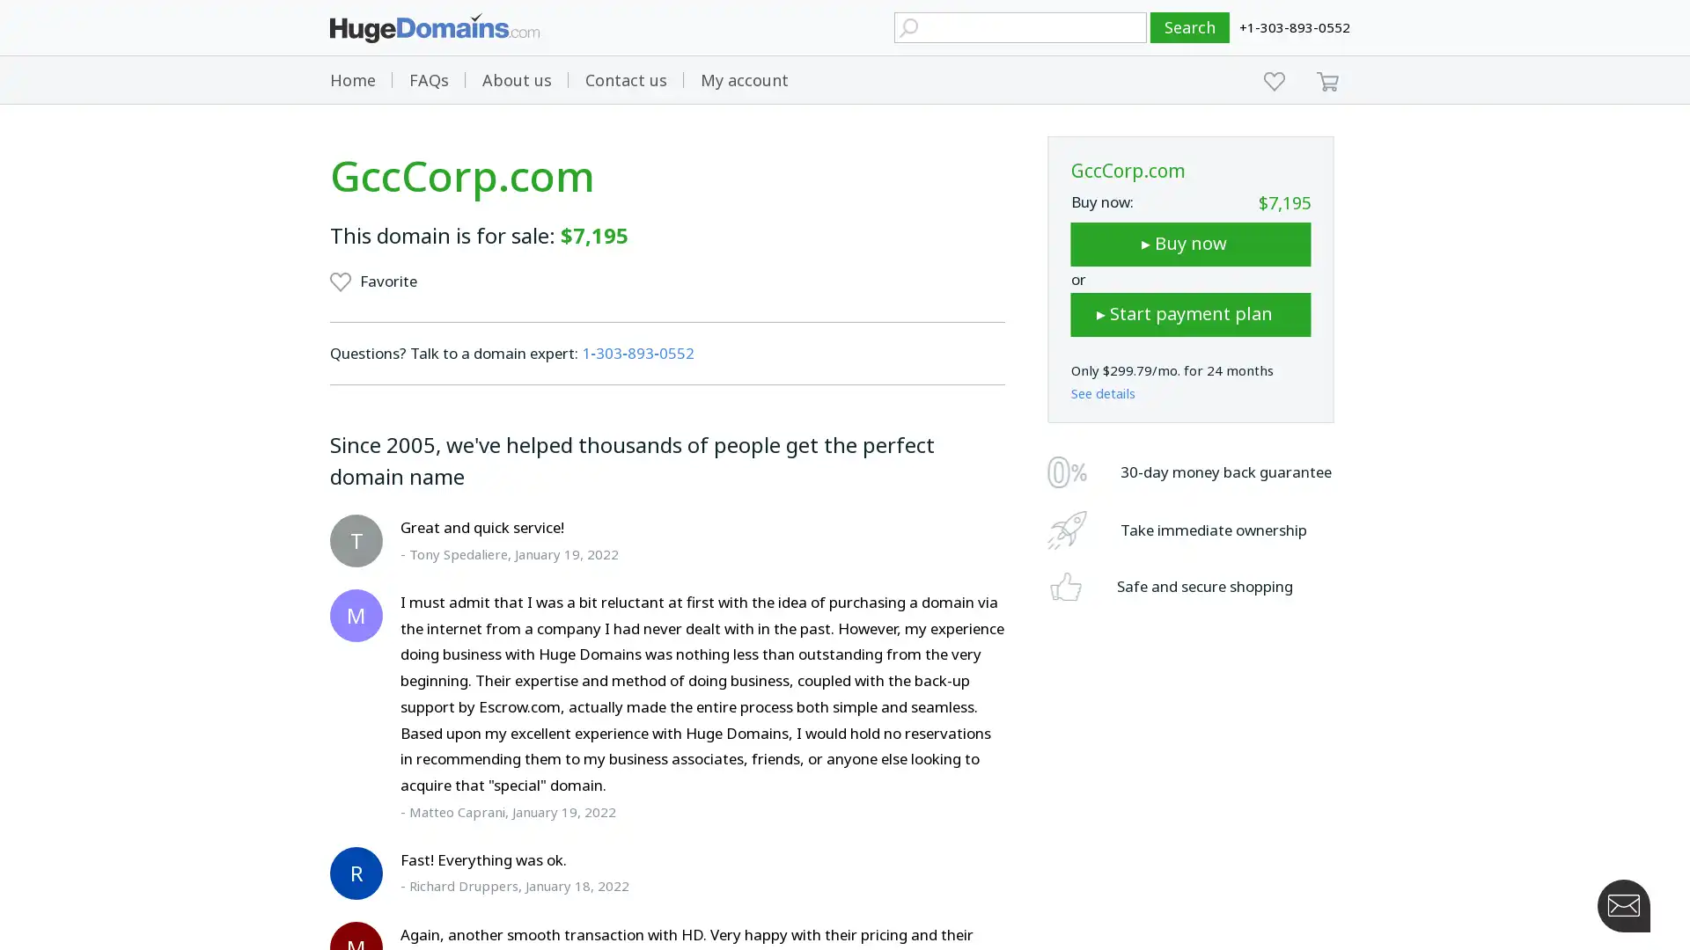  What do you see at coordinates (1190, 27) in the screenshot?
I see `Search` at bounding box center [1190, 27].